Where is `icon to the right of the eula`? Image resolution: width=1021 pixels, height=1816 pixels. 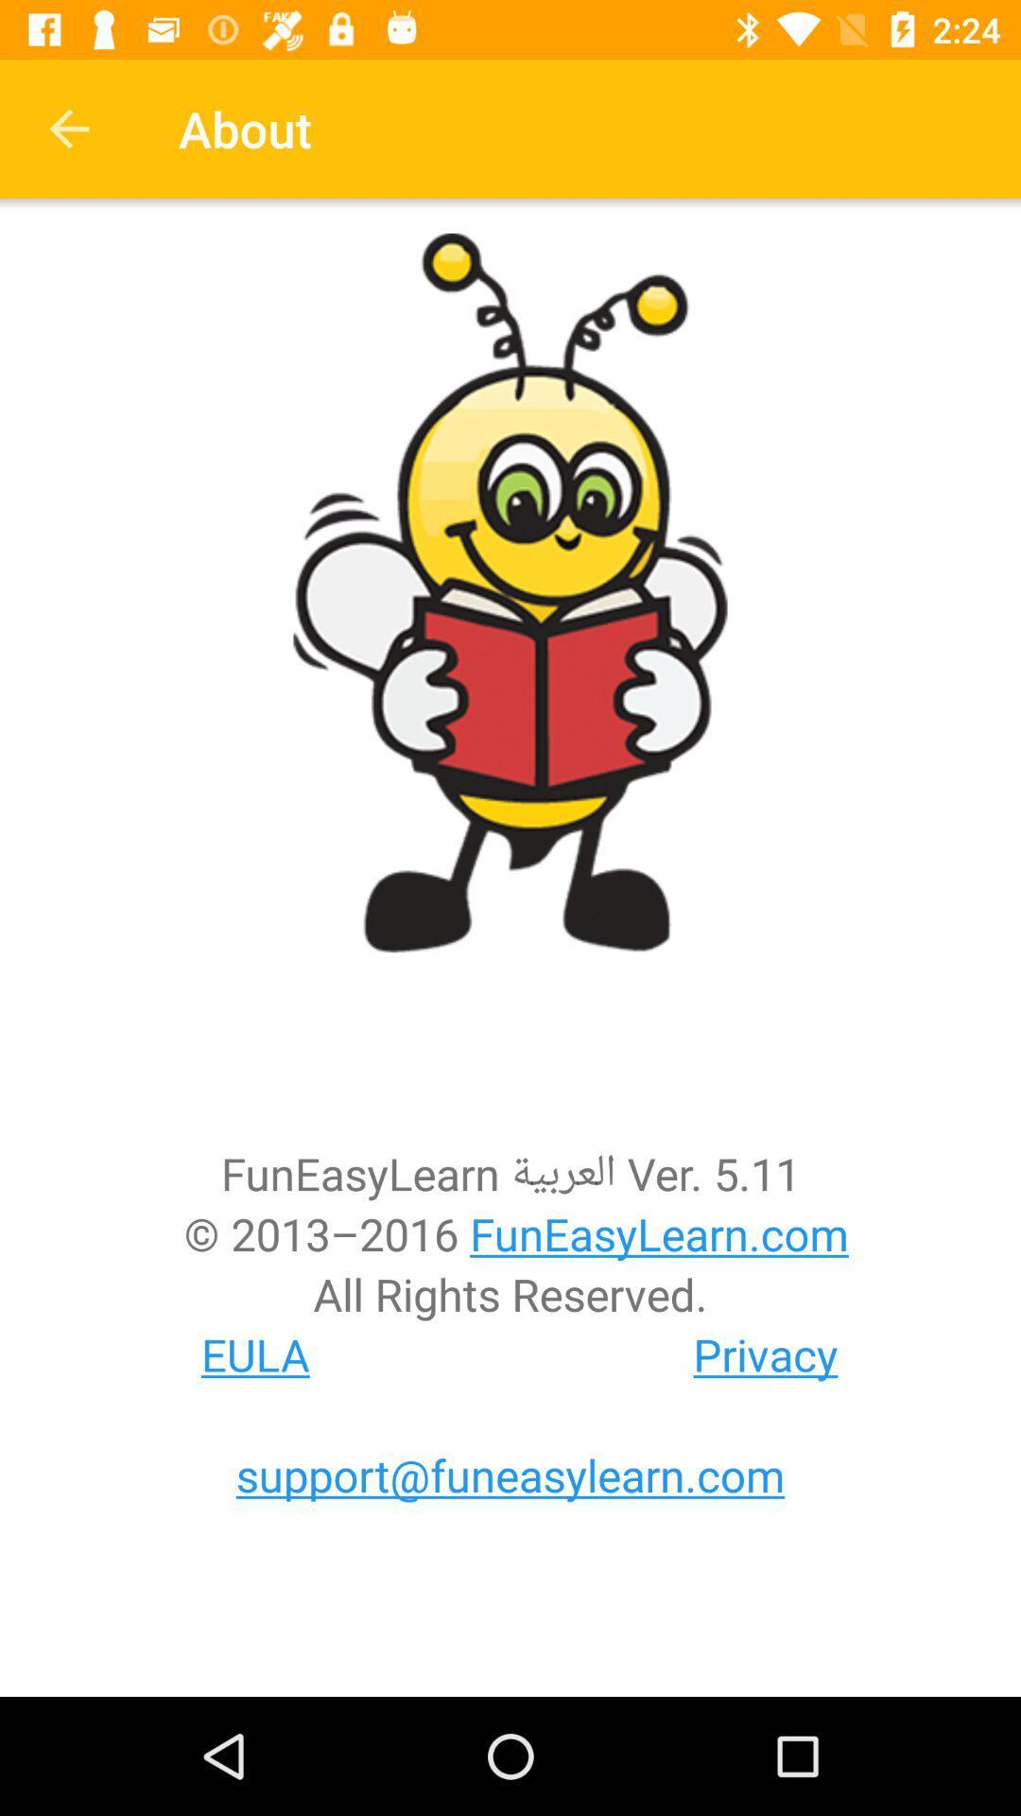
icon to the right of the eula is located at coordinates (766, 1353).